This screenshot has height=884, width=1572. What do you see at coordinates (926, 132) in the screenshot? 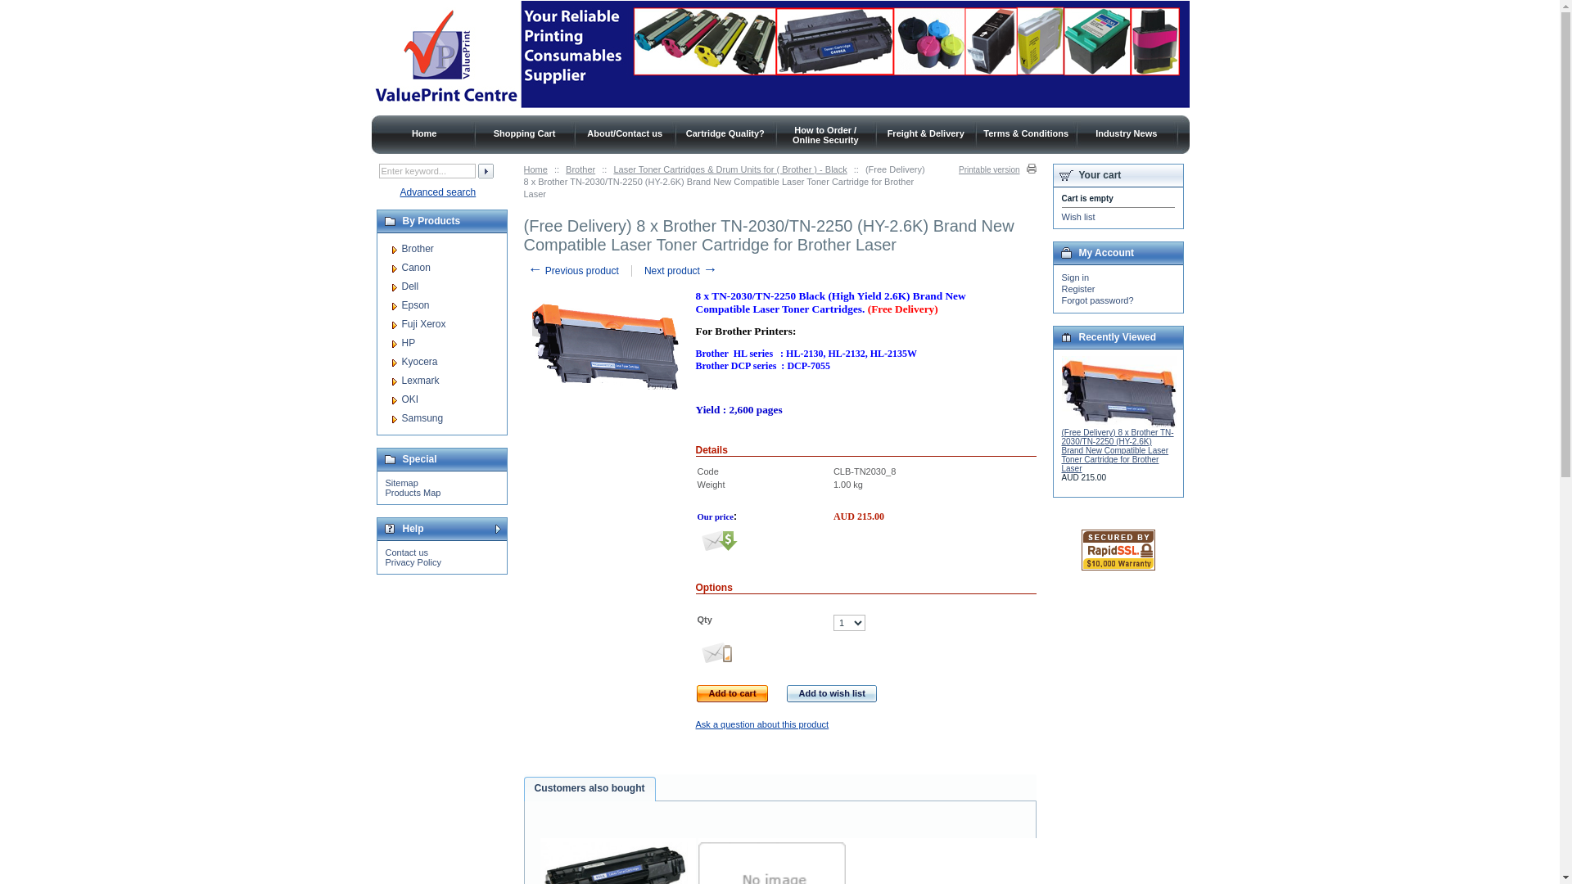
I see `'Freight & Delivery'` at bounding box center [926, 132].